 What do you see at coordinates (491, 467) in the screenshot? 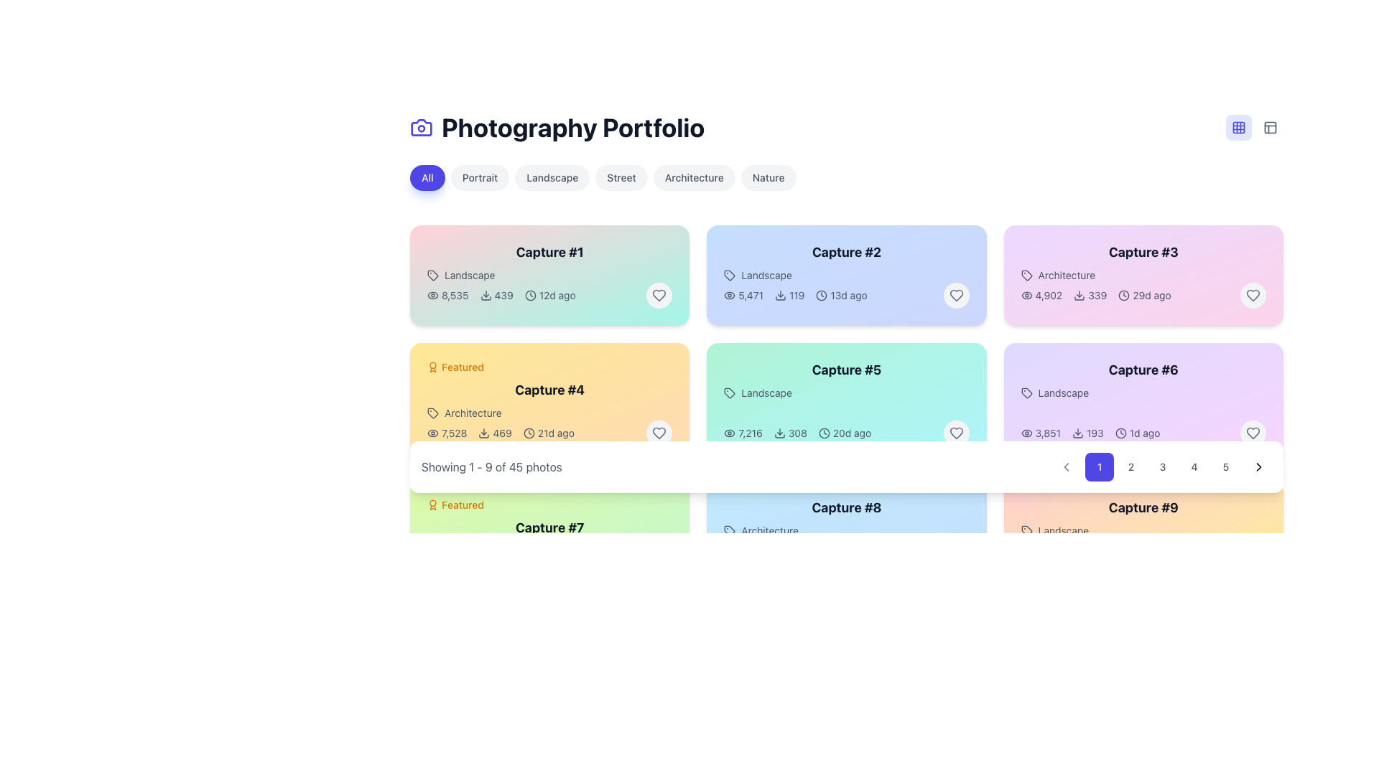
I see `information displayed in the Text Label located in the bottom section of the interface, next to pagination controls` at bounding box center [491, 467].